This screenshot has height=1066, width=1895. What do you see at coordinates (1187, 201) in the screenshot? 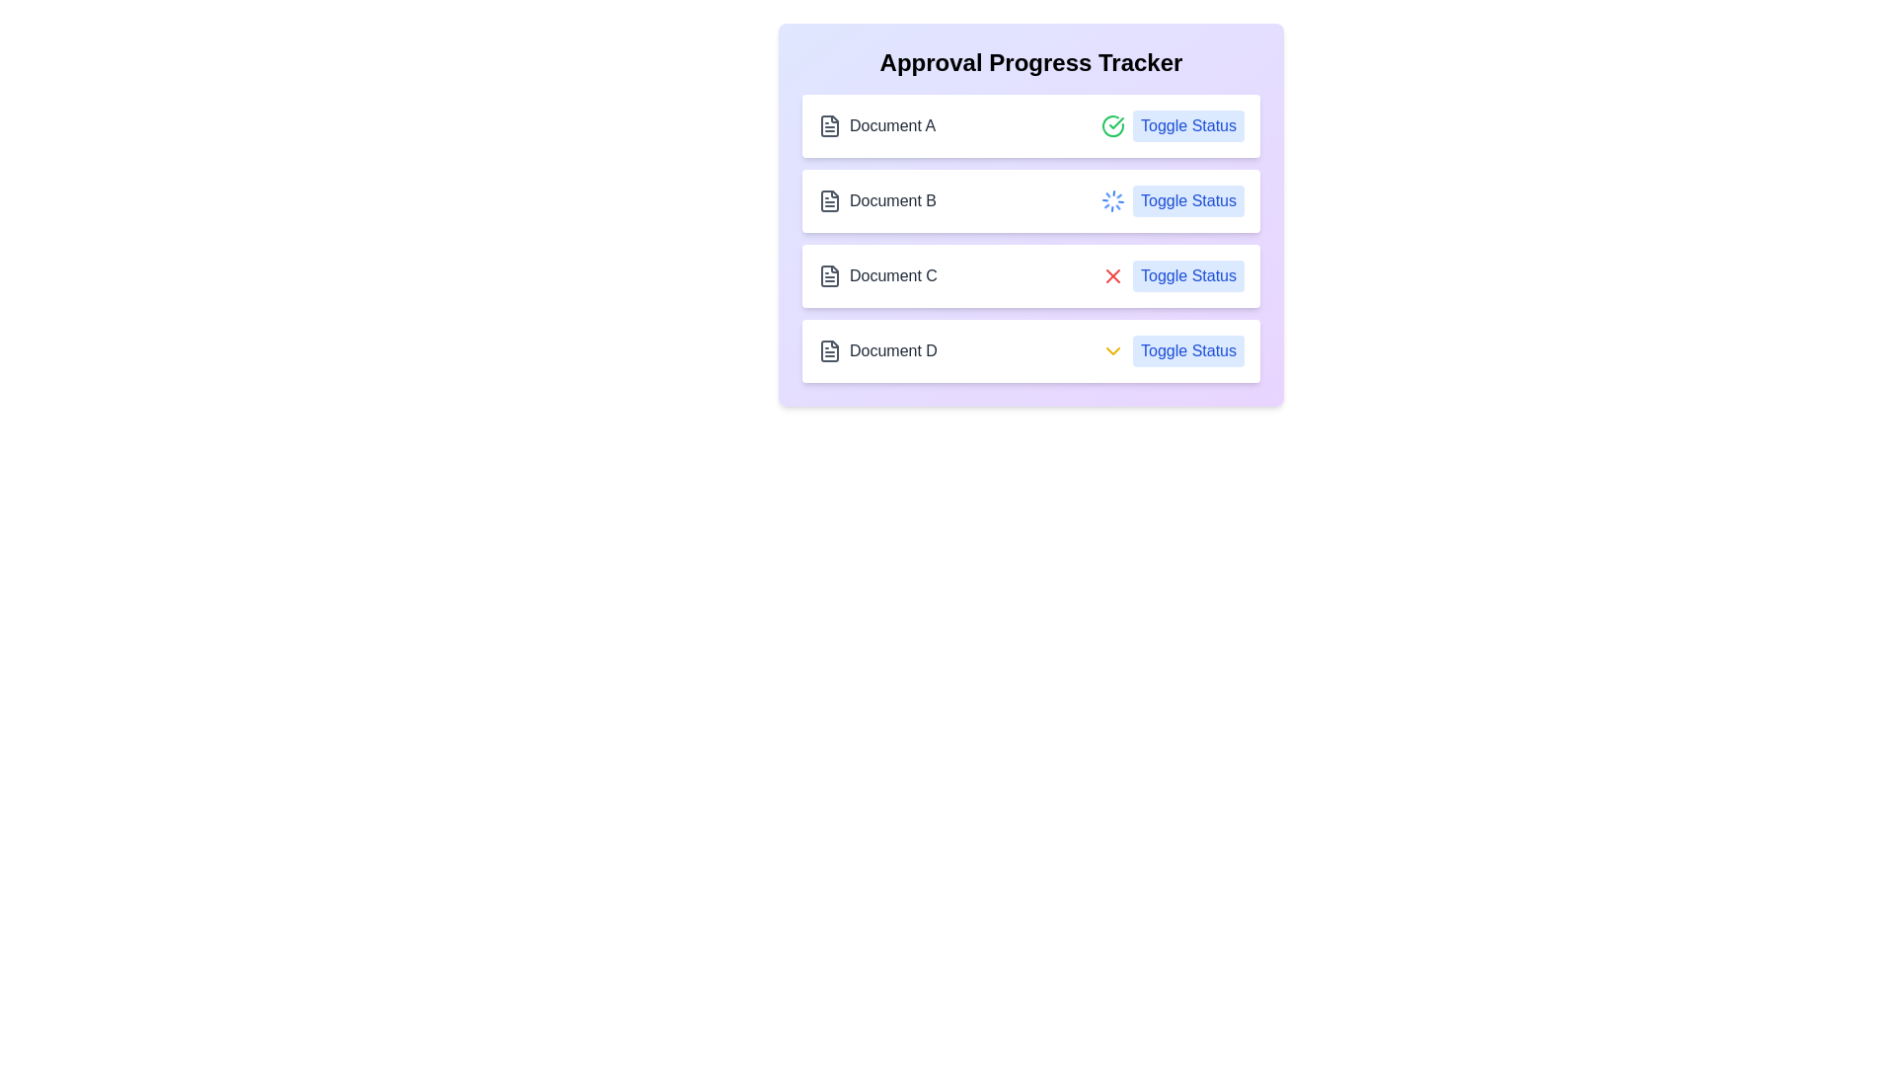
I see `the button located to the far right of the row for 'Document B' in the 'Approval Progress Tracker' interface` at bounding box center [1187, 201].